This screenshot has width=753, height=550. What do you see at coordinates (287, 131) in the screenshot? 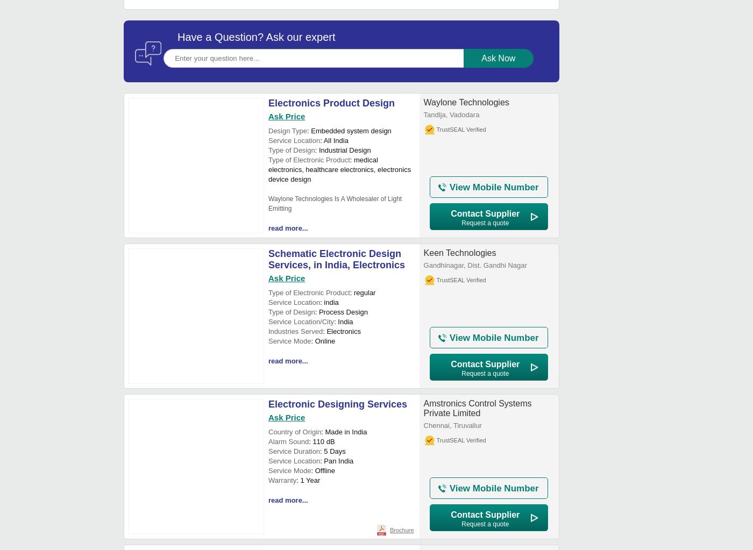
I see `'Design Type'` at bounding box center [287, 131].